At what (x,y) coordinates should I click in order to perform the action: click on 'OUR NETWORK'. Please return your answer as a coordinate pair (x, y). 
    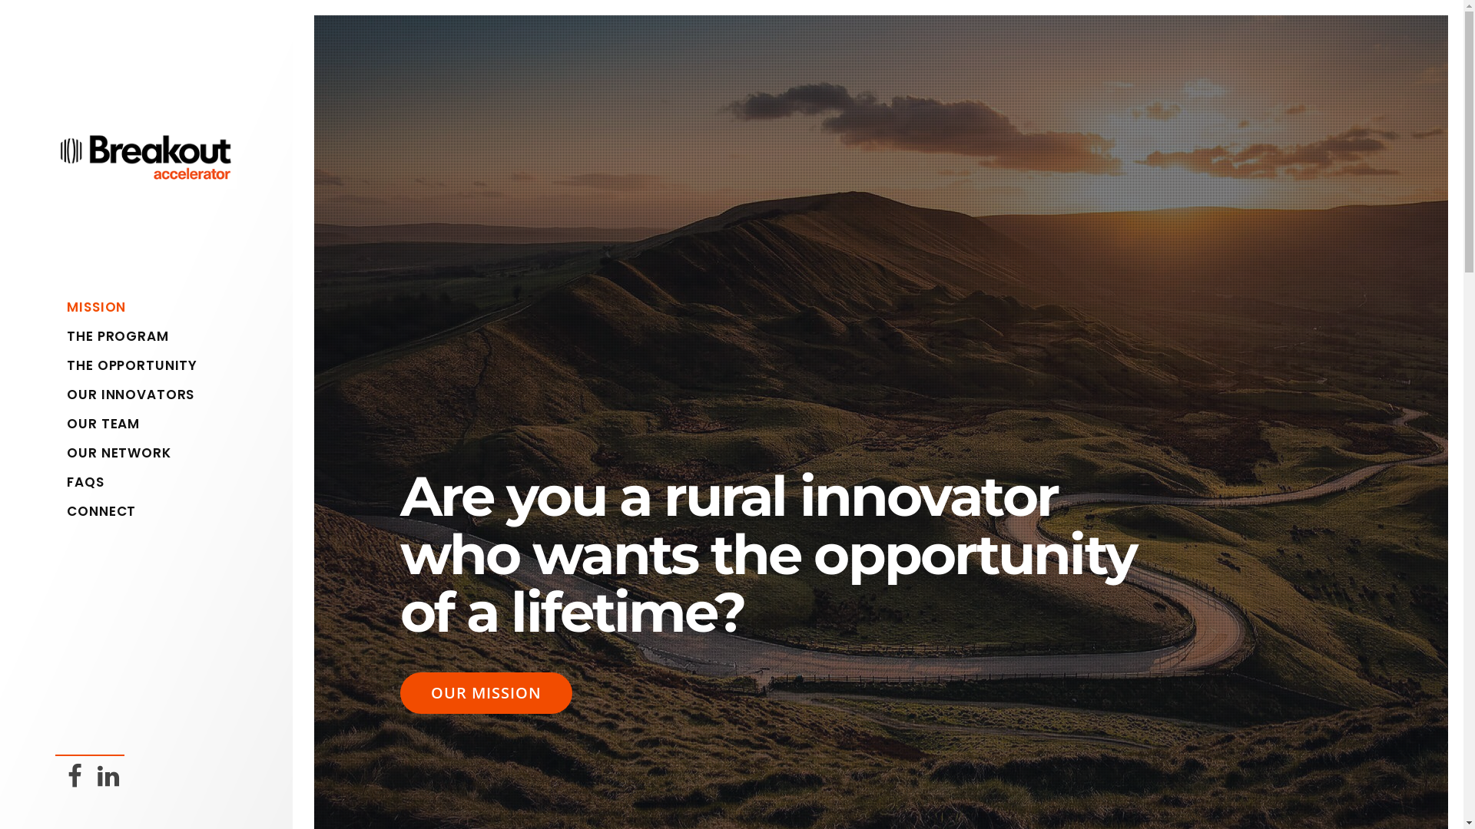
    Looking at the image, I should click on (65, 452).